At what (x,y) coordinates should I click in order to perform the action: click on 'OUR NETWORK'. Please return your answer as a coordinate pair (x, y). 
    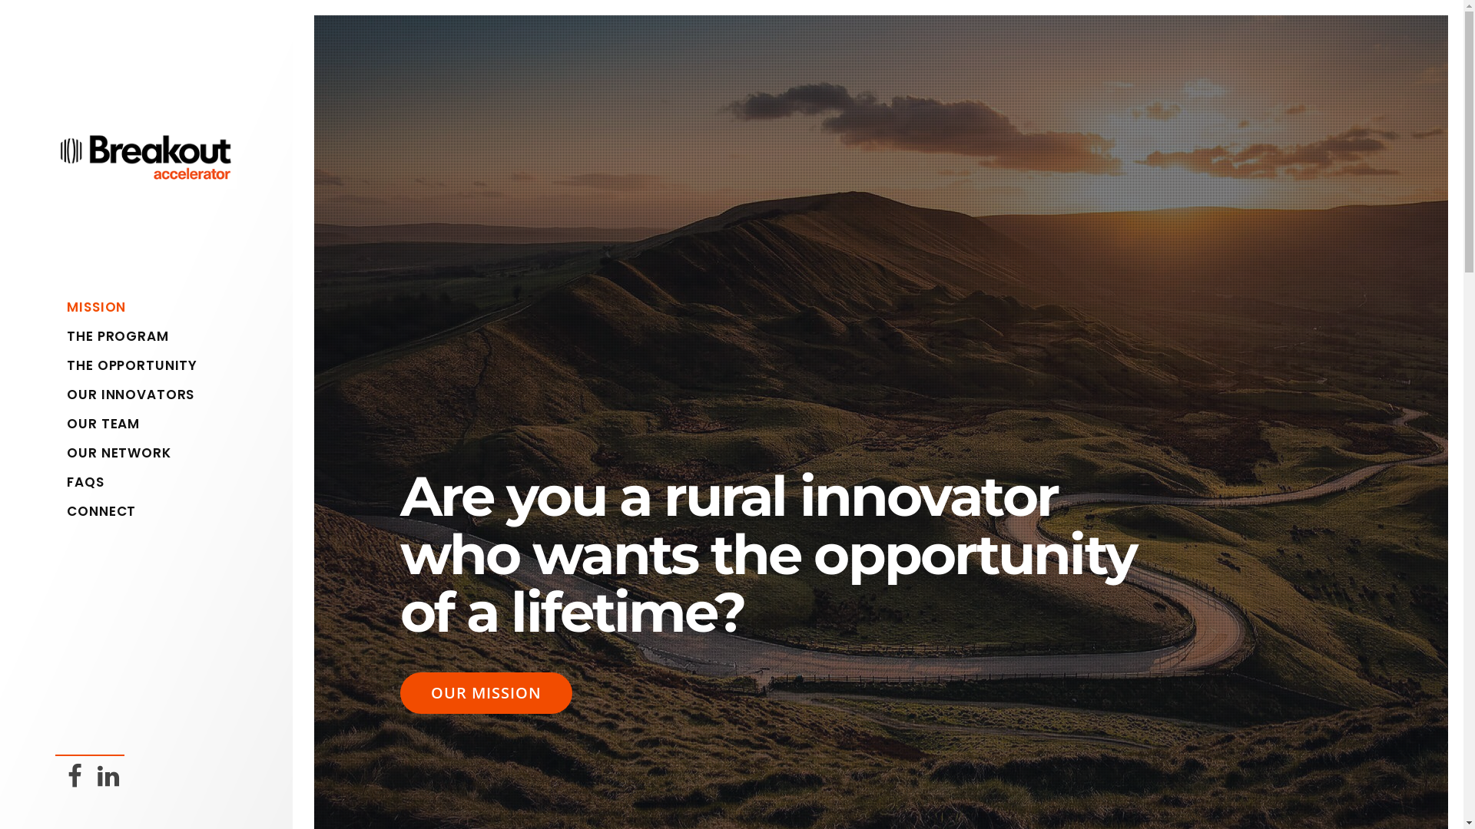
    Looking at the image, I should click on (65, 452).